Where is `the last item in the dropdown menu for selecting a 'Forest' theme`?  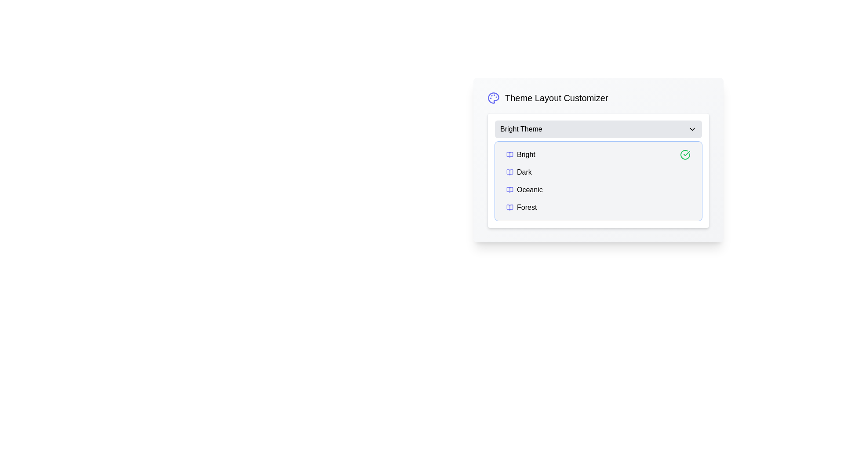 the last item in the dropdown menu for selecting a 'Forest' theme is located at coordinates (598, 207).